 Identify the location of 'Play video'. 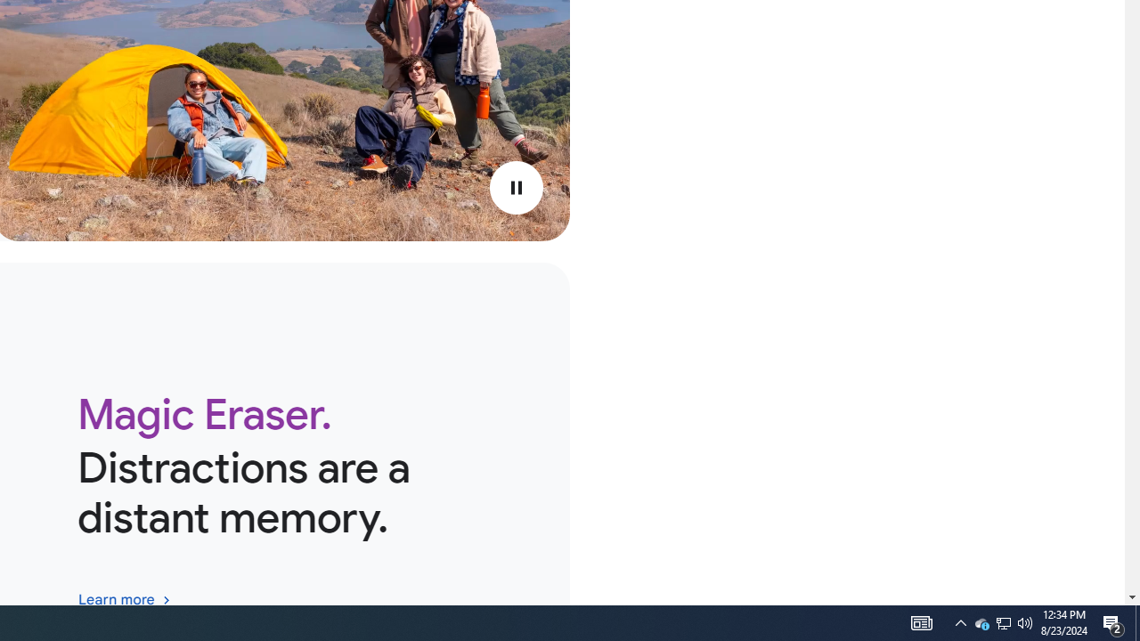
(515, 188).